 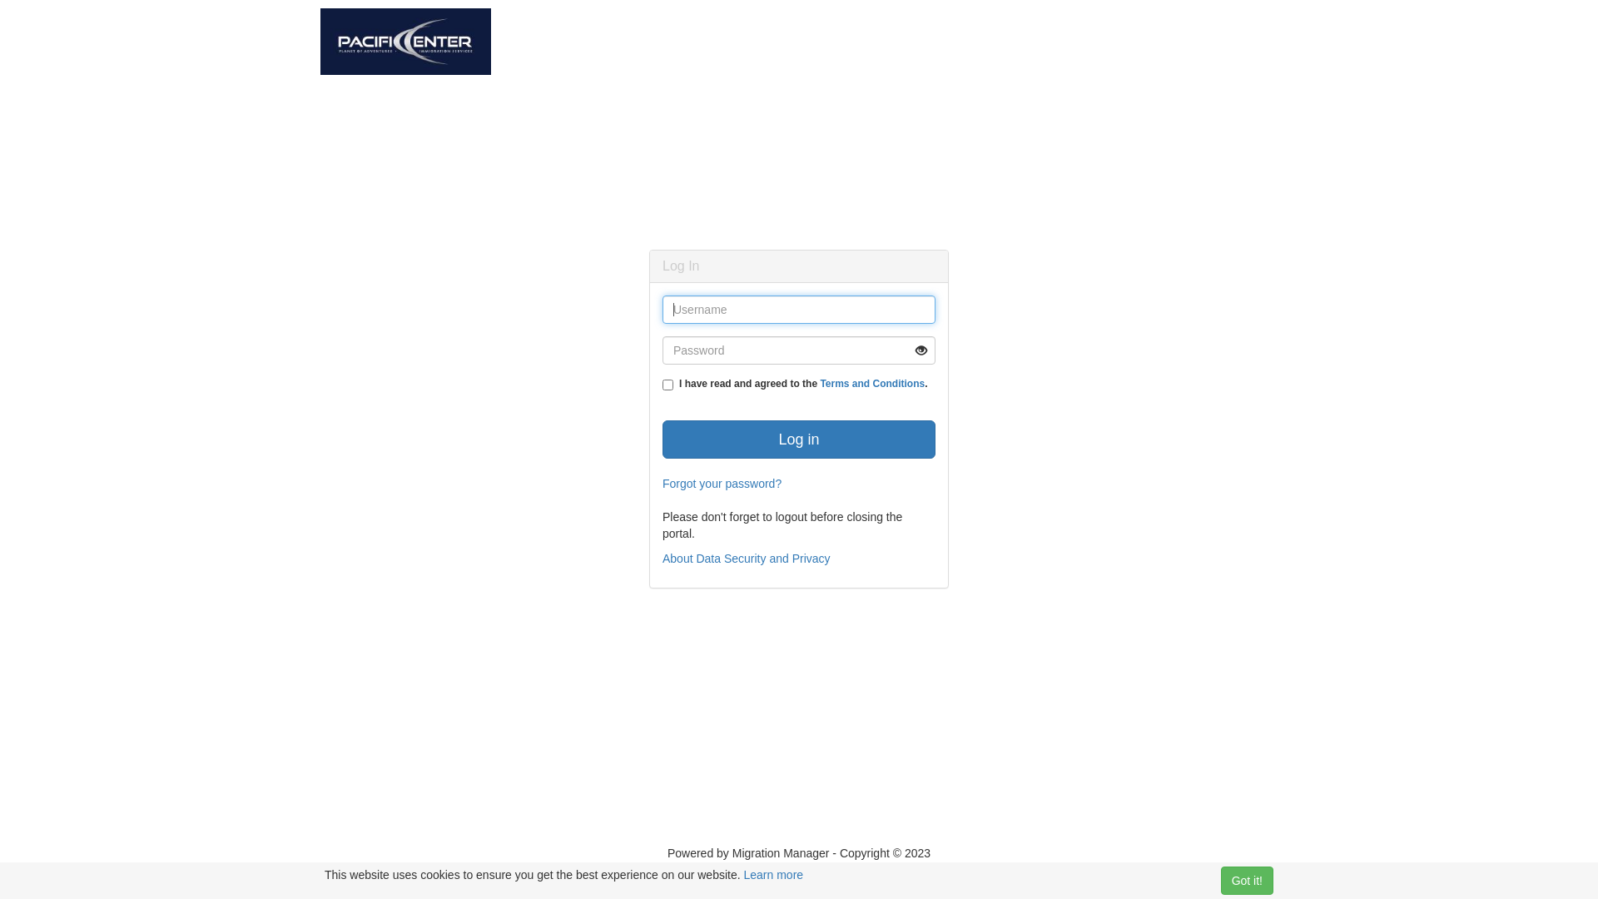 What do you see at coordinates (799, 439) in the screenshot?
I see `'Log in'` at bounding box center [799, 439].